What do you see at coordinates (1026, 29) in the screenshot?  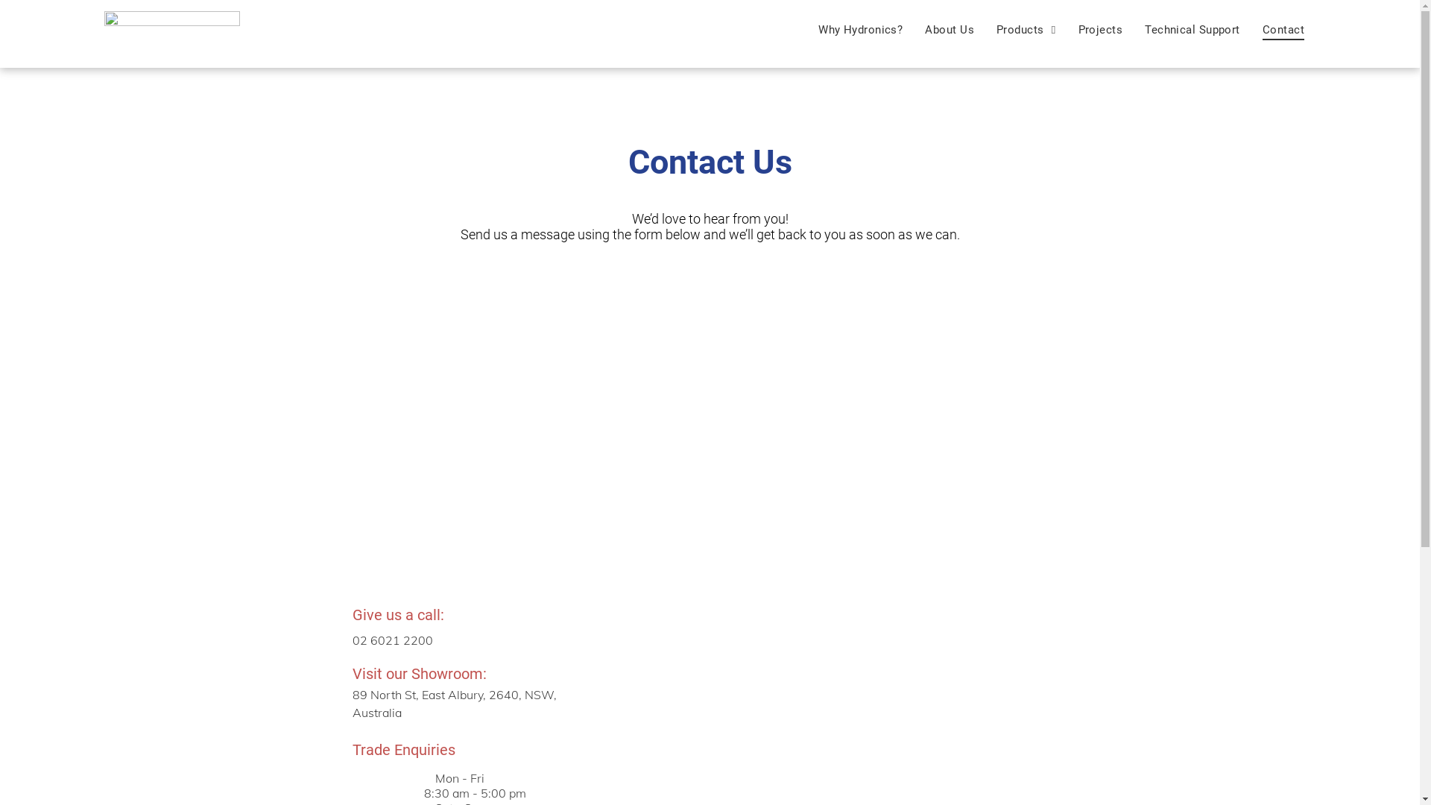 I see `'Products'` at bounding box center [1026, 29].